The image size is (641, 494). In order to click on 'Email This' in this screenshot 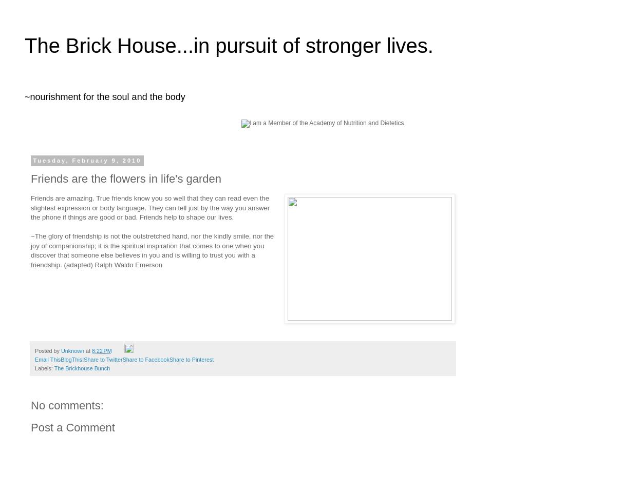, I will do `click(34, 359)`.